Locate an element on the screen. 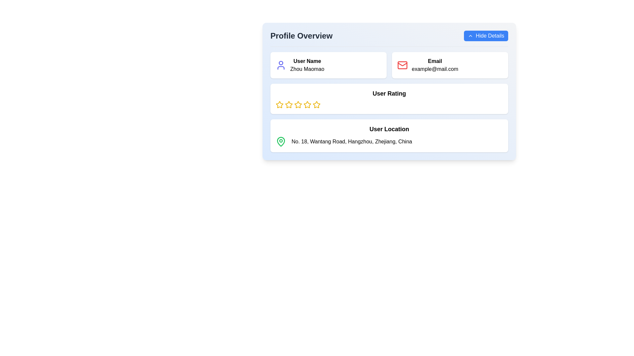 This screenshot has width=634, height=356. the location icon located at the bottom-left of the 'User Location' section in the profile overview interface, adjacent to the text describing the user's address, if it is interactive is located at coordinates (281, 141).